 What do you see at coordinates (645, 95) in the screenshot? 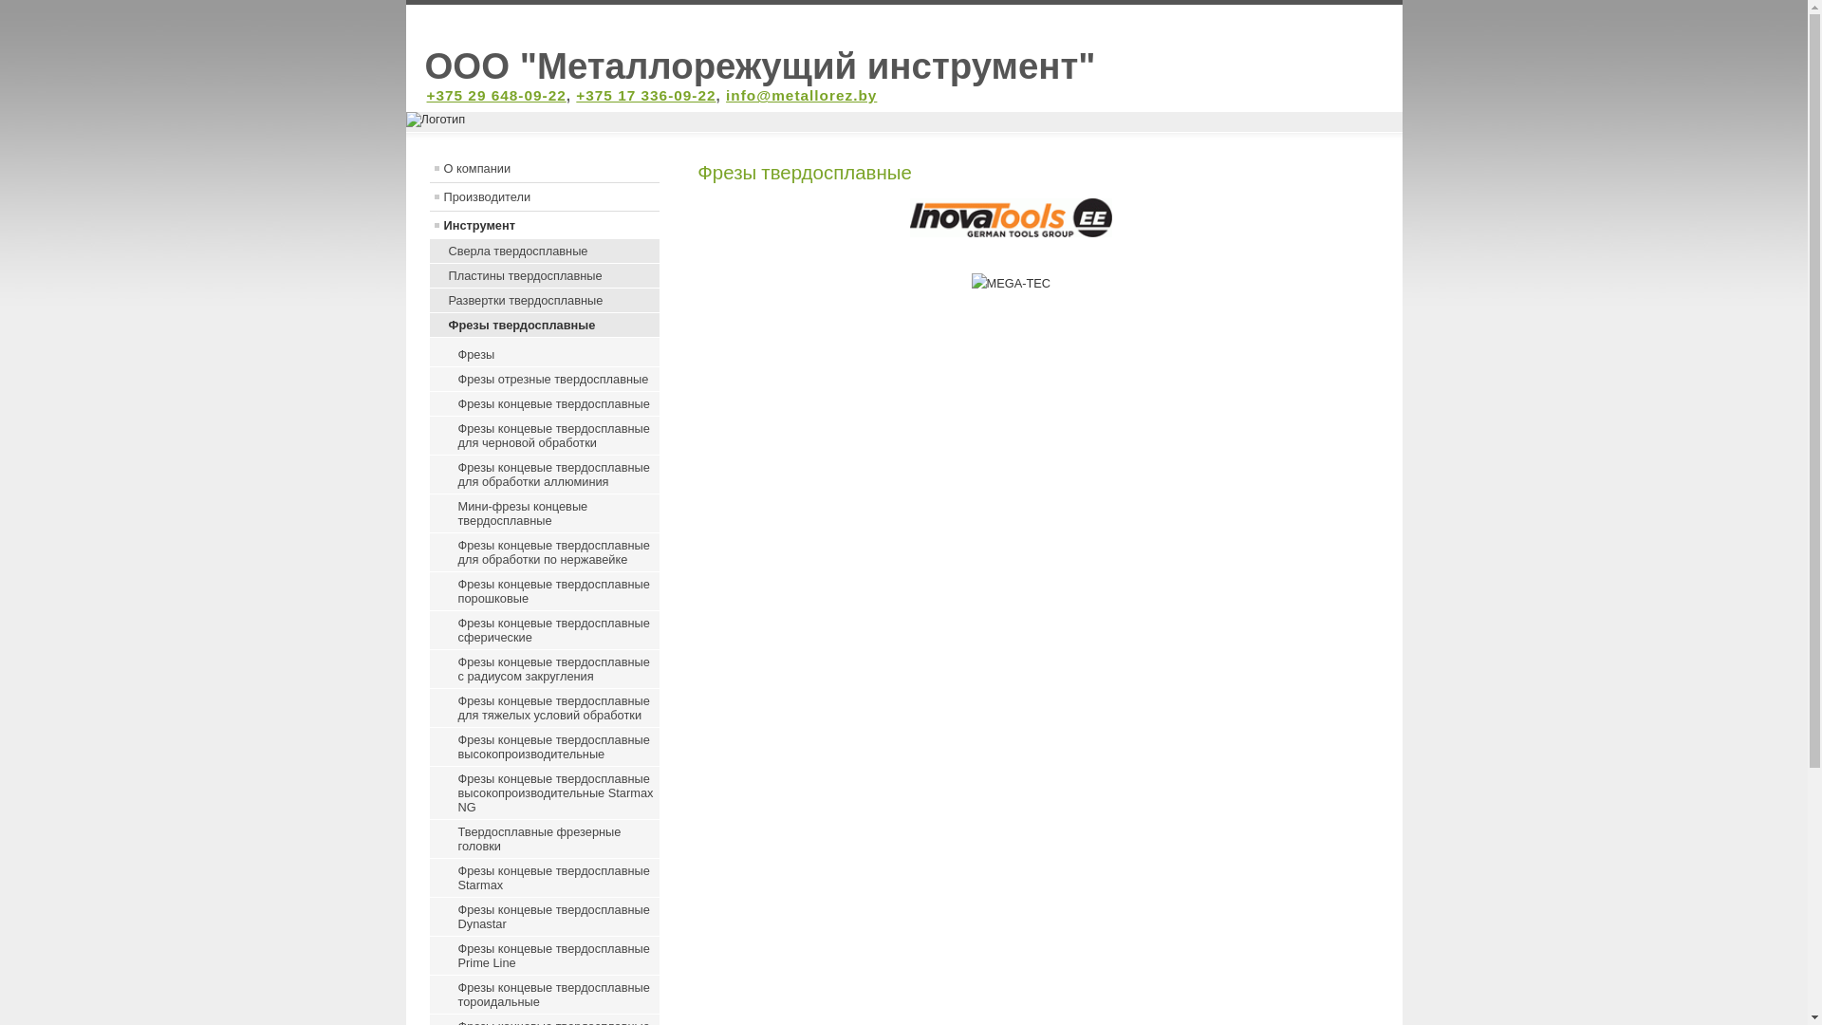
I see `'+375 17 336-09-22'` at bounding box center [645, 95].